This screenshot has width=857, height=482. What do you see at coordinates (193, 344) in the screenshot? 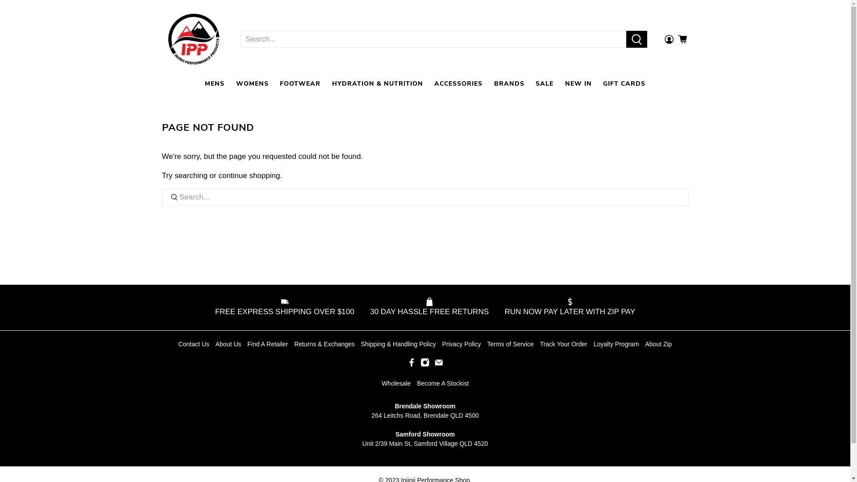
I see `'Contact Us'` at bounding box center [193, 344].